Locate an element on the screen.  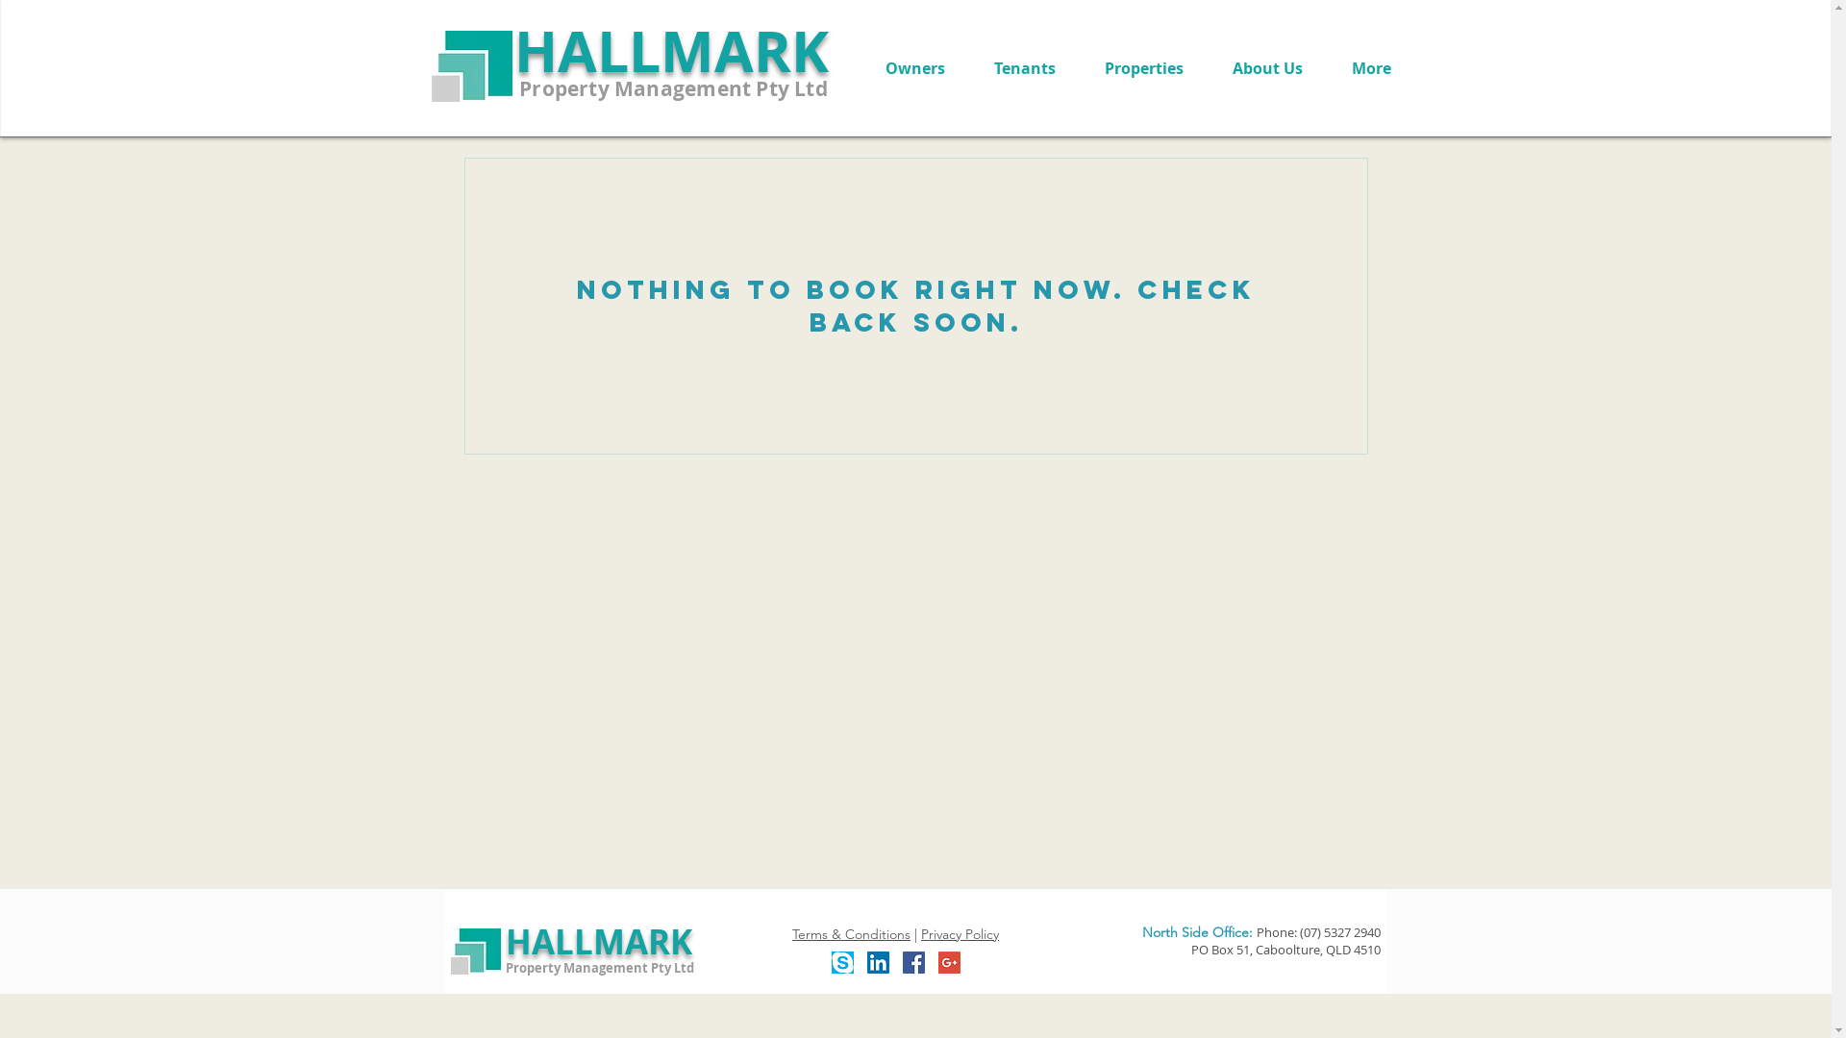
'Owners' is located at coordinates (914, 66).